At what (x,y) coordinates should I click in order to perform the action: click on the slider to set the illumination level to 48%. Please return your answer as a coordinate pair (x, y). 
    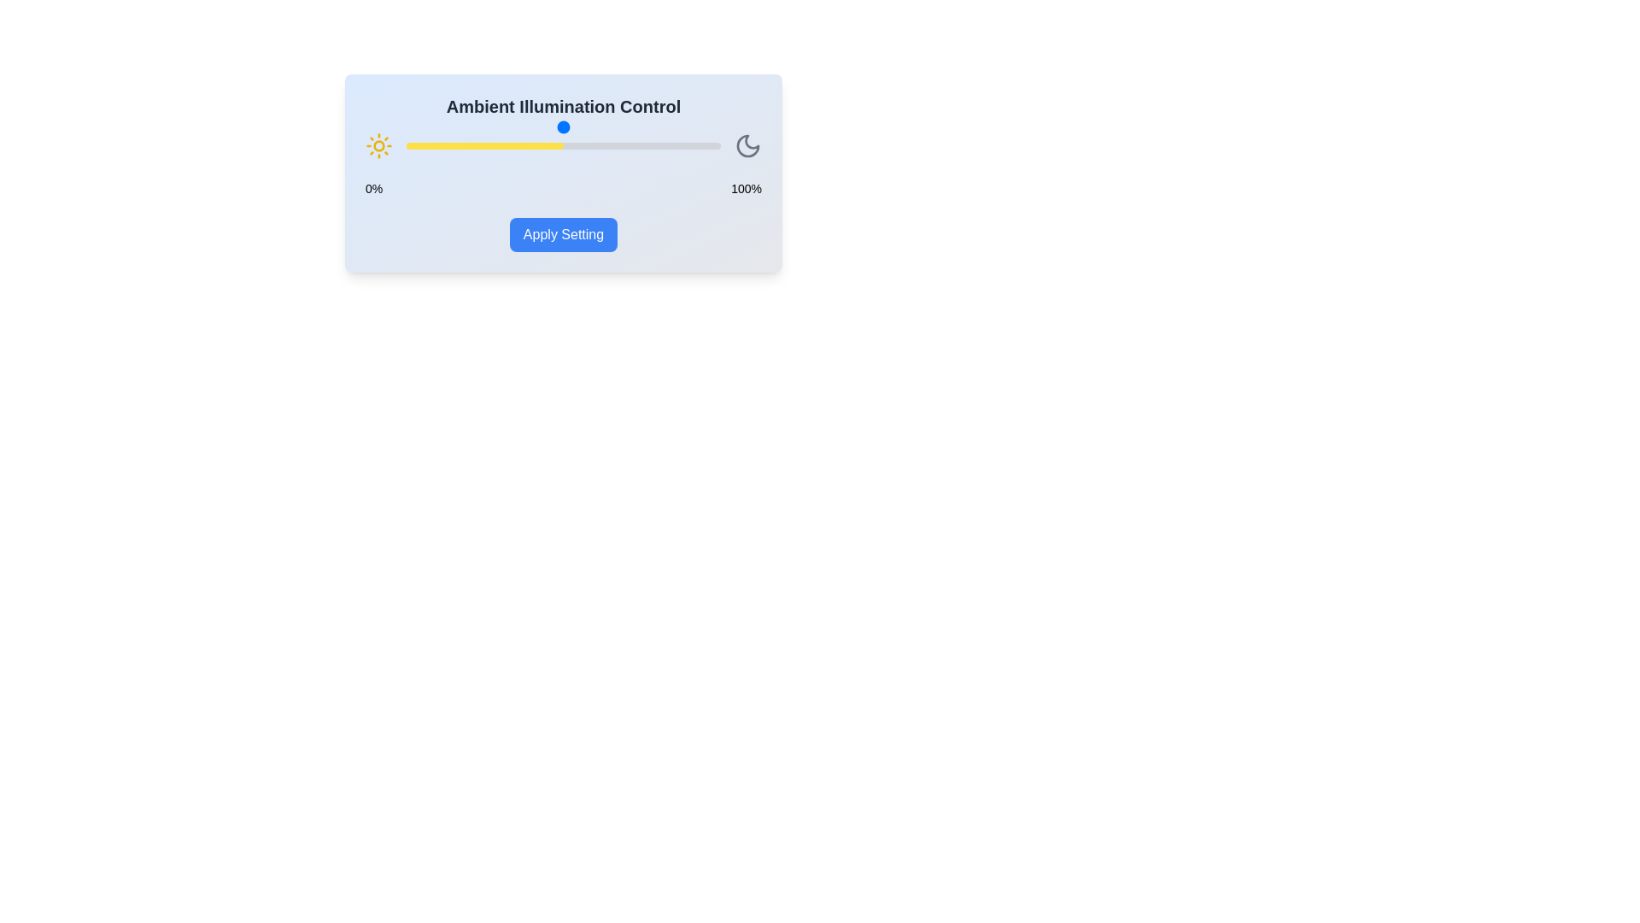
    Looking at the image, I should click on (557, 144).